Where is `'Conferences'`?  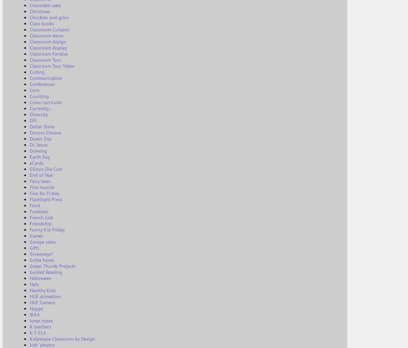
'Conferences' is located at coordinates (42, 84).